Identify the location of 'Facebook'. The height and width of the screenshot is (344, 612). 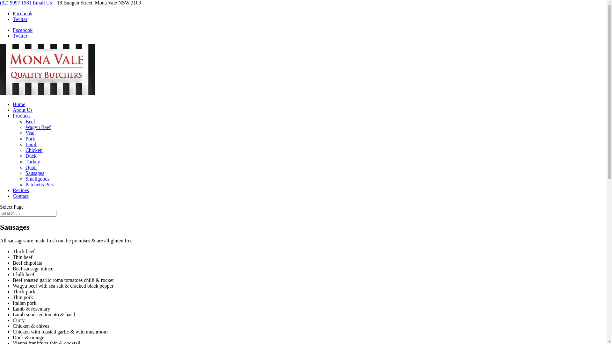
(23, 30).